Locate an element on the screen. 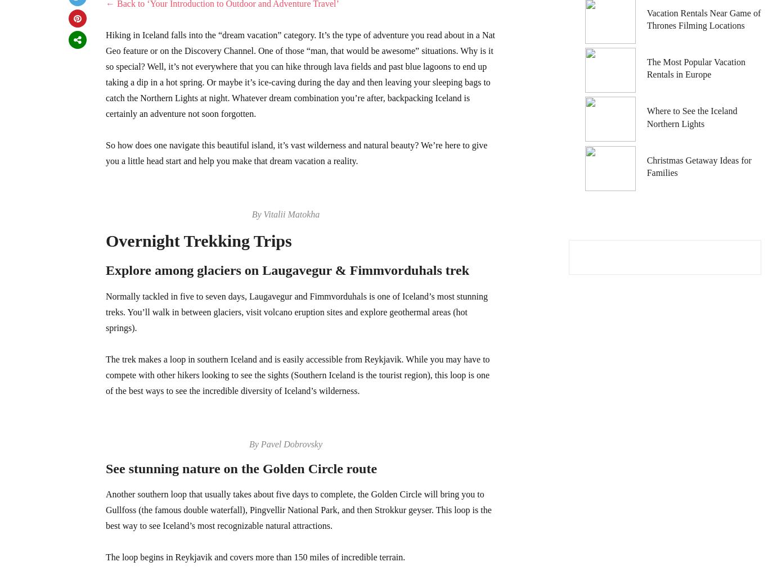 This screenshot has width=777, height=580. 'Vacation Rentals Near Game of Thrones Filming Locations' is located at coordinates (645, 19).